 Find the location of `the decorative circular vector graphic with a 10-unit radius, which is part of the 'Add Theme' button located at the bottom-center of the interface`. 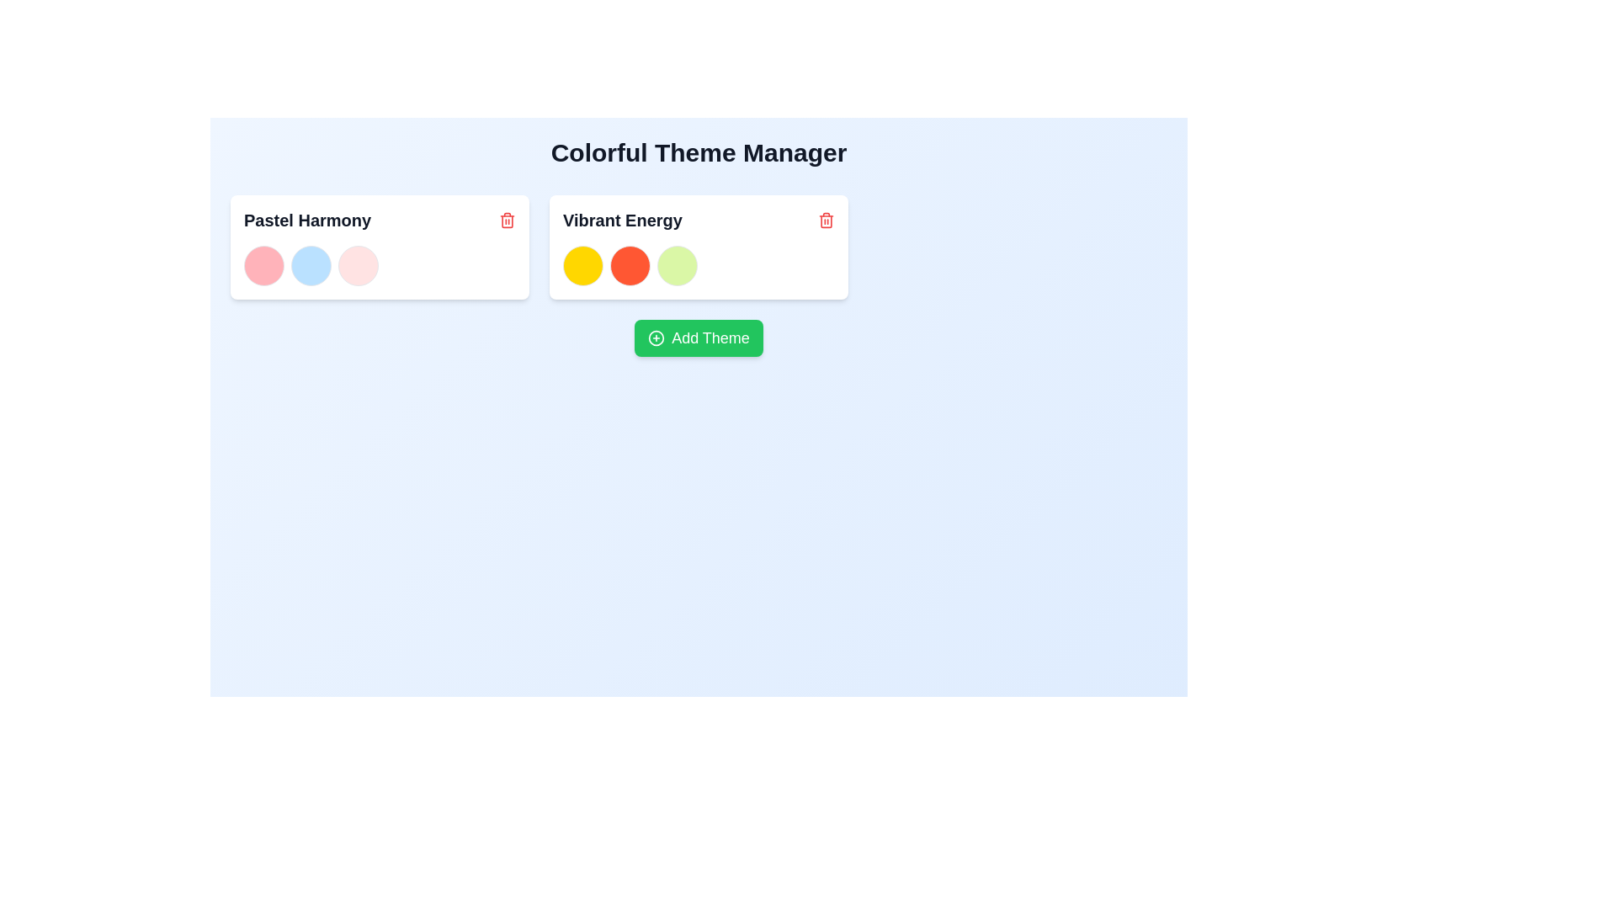

the decorative circular vector graphic with a 10-unit radius, which is part of the 'Add Theme' button located at the bottom-center of the interface is located at coordinates (656, 338).